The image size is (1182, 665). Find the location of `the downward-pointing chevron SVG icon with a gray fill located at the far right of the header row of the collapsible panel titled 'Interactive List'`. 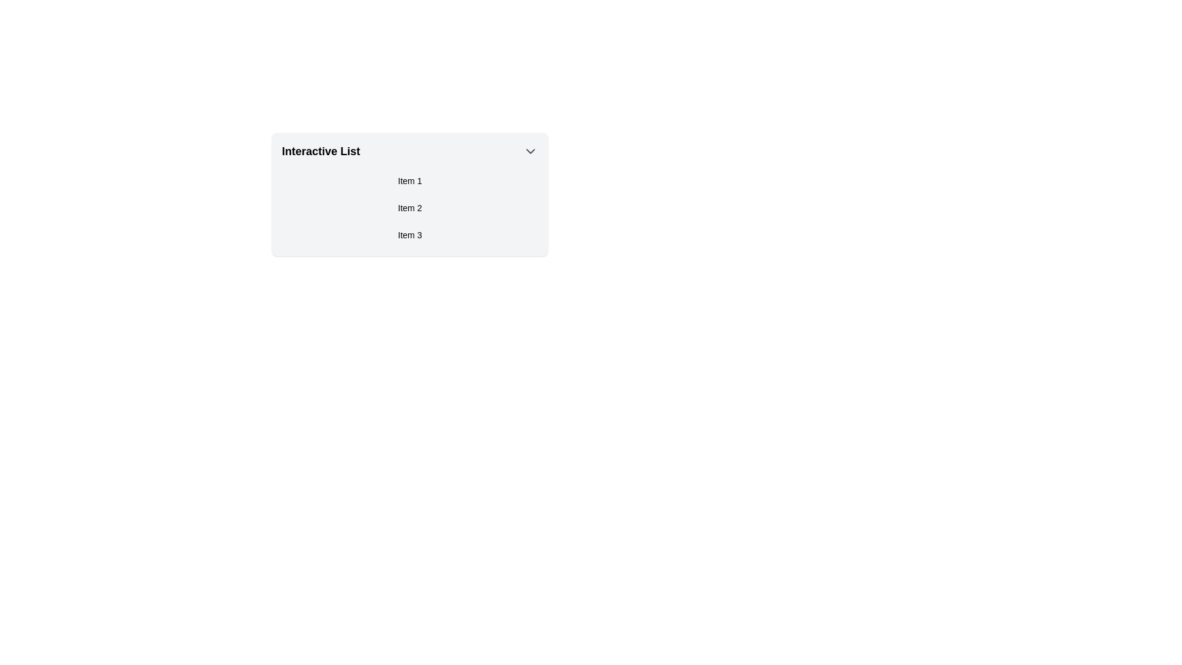

the downward-pointing chevron SVG icon with a gray fill located at the far right of the header row of the collapsible panel titled 'Interactive List' is located at coordinates (531, 151).